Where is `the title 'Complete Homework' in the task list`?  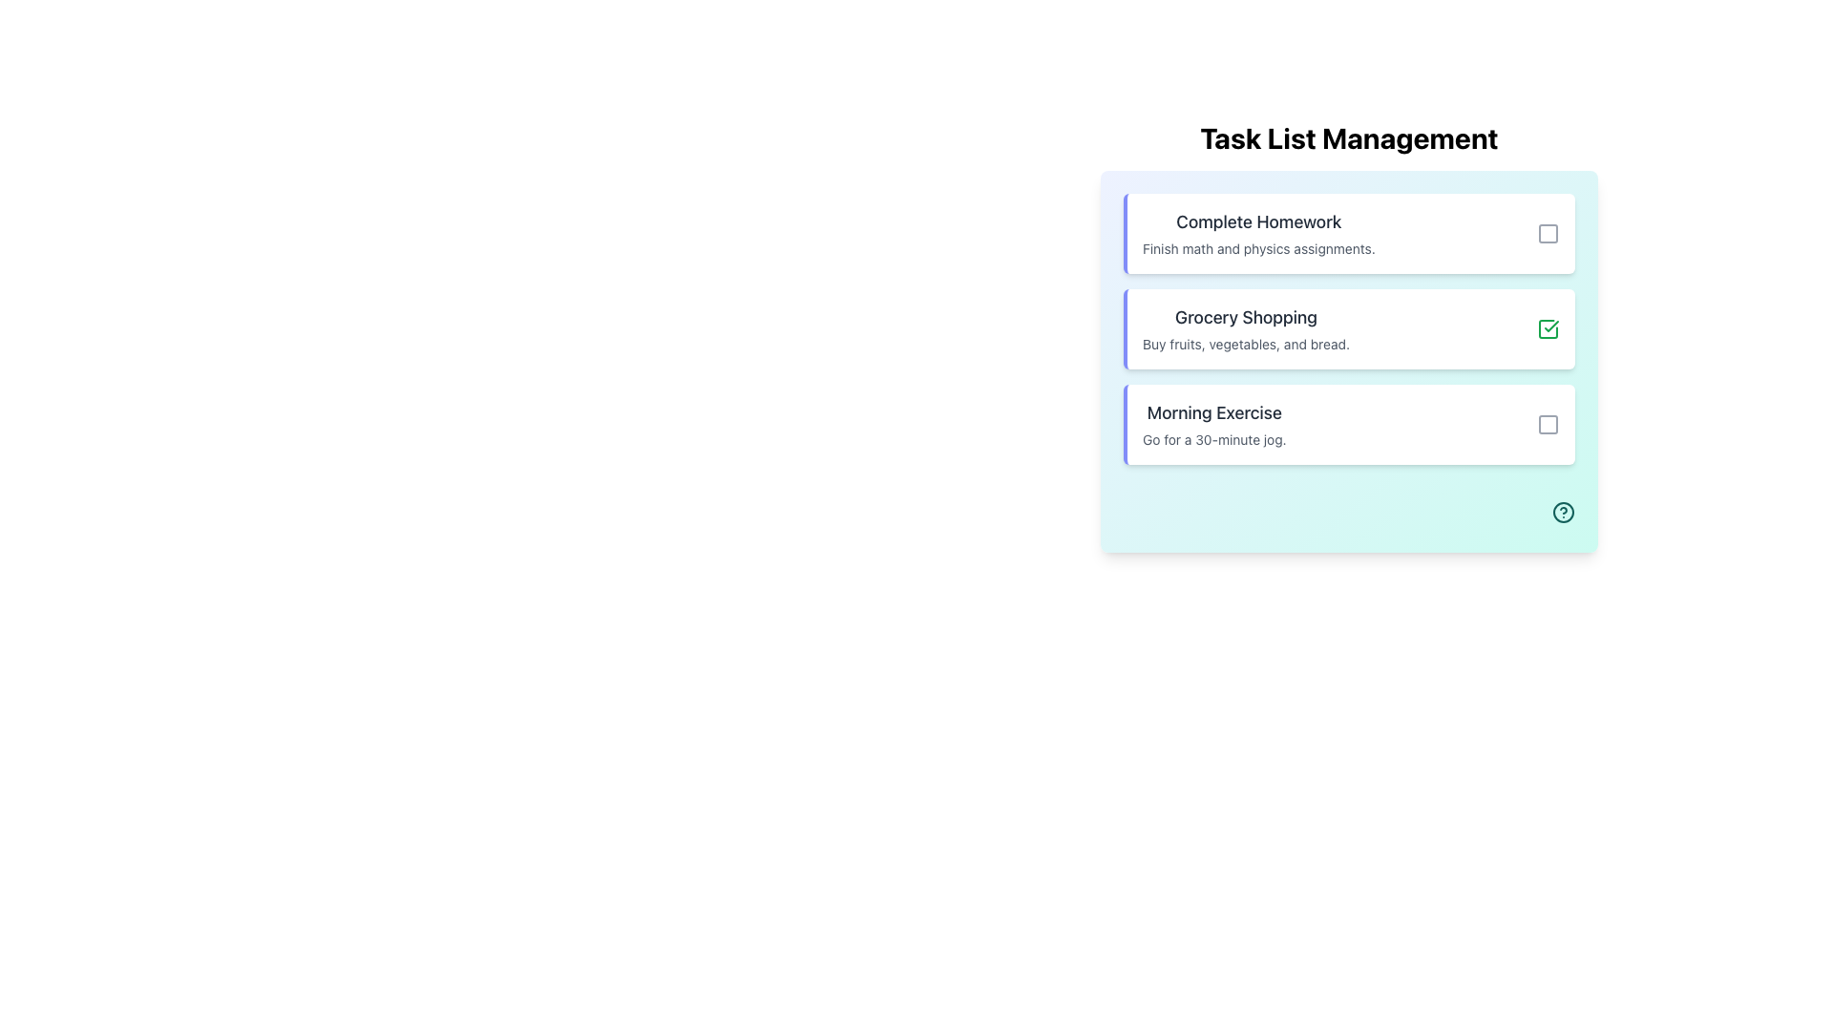 the title 'Complete Homework' in the task list is located at coordinates (1348, 233).